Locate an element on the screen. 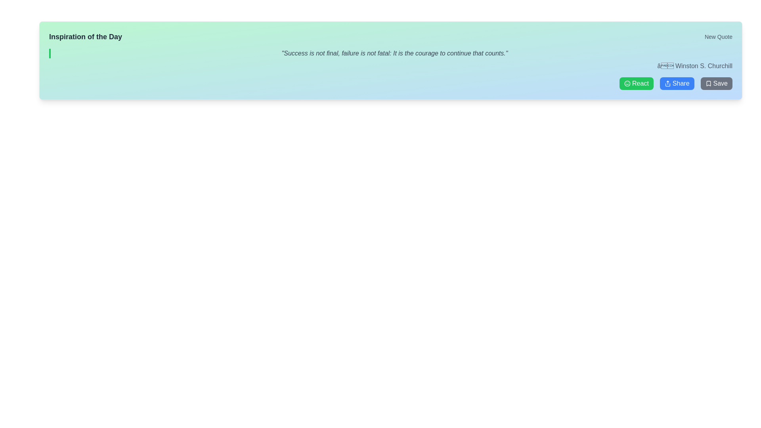  the 'React' button, which is a green button with white text and a smiley face icon, located in the bottom-right corner of the blue gradient header area is located at coordinates (636, 84).